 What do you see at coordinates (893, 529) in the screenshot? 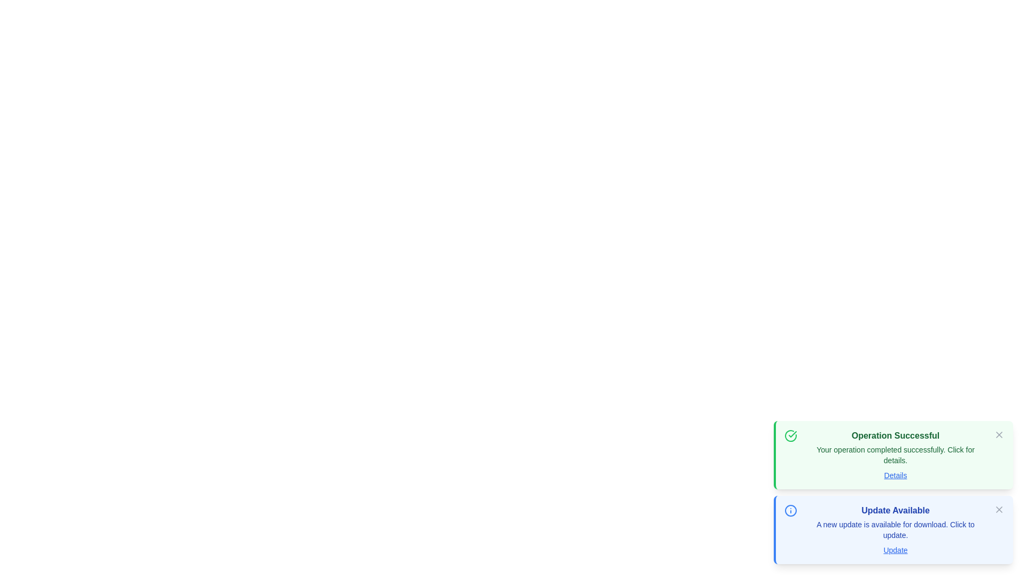
I see `the 'Update' link in the notification box titled 'Update Available' to initiate the update` at bounding box center [893, 529].